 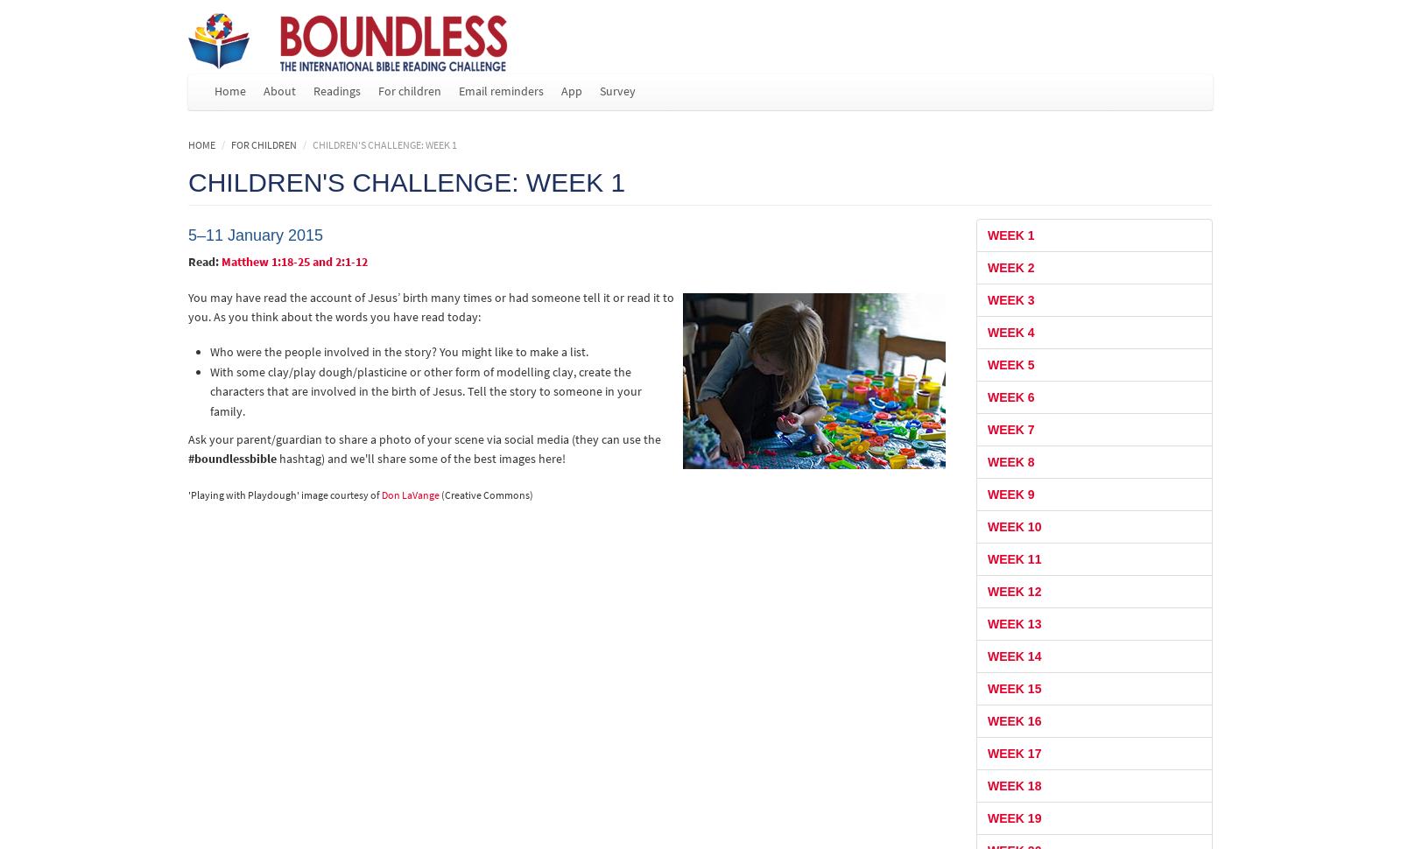 I want to click on 'Week 10', so click(x=1014, y=526).